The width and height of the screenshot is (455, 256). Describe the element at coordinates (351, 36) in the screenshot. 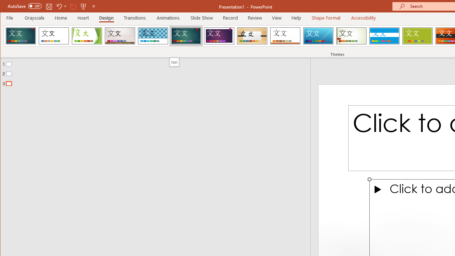

I see `'Wisp'` at that location.